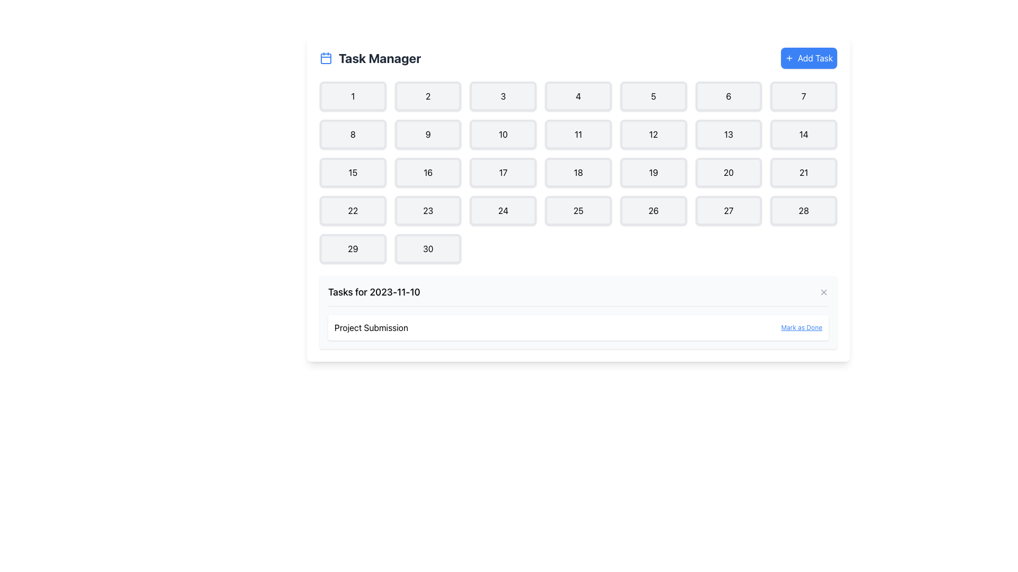 The width and height of the screenshot is (1018, 572). I want to click on the calendar icon with blue edges and fill, located next to the 'Task Manager' text label in the title bar, so click(325, 58).